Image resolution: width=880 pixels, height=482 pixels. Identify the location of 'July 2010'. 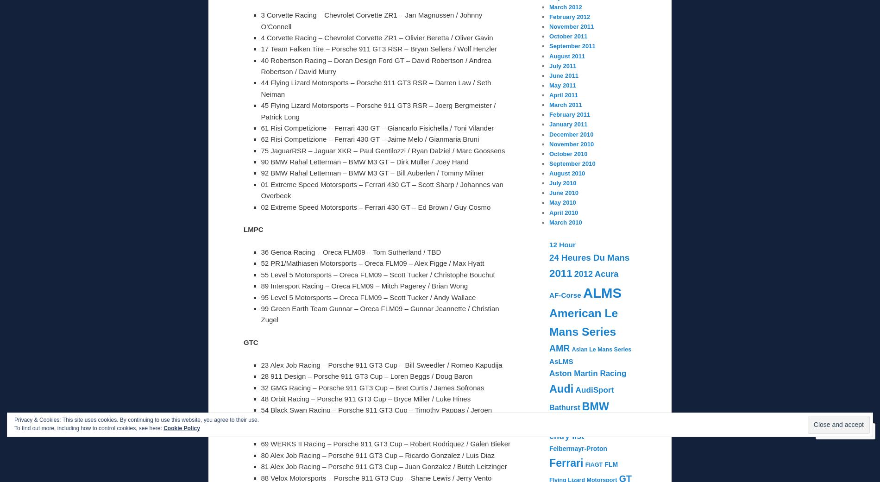
(549, 183).